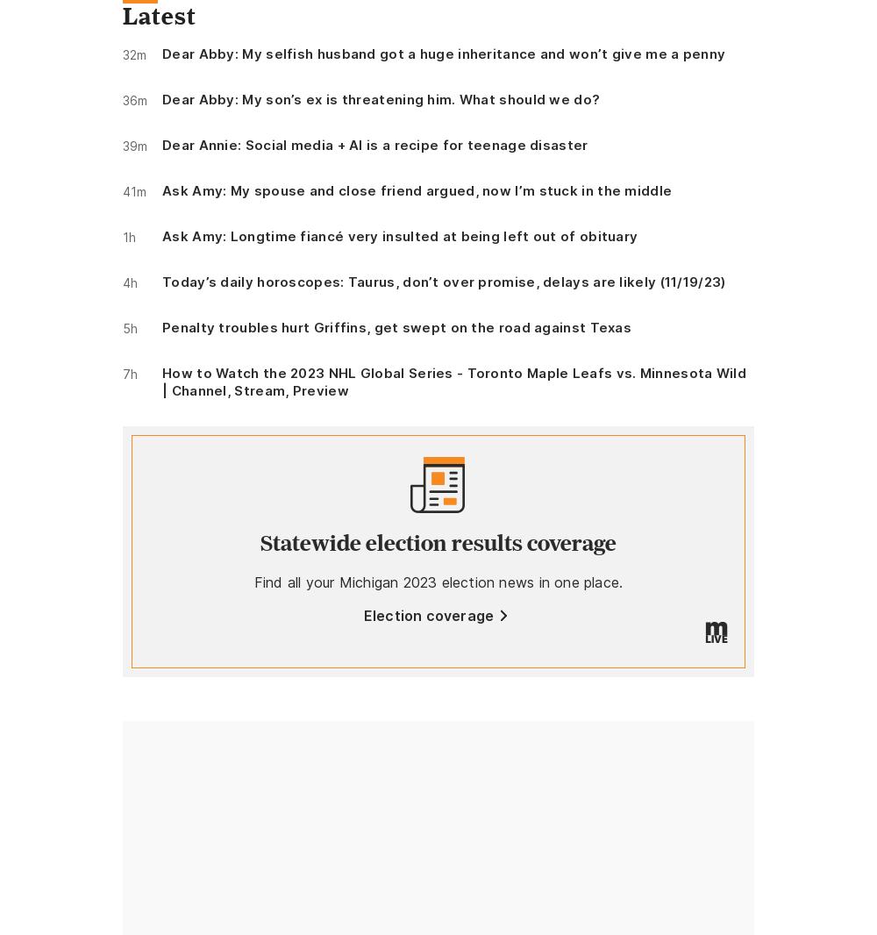  What do you see at coordinates (135, 145) in the screenshot?
I see `'39m'` at bounding box center [135, 145].